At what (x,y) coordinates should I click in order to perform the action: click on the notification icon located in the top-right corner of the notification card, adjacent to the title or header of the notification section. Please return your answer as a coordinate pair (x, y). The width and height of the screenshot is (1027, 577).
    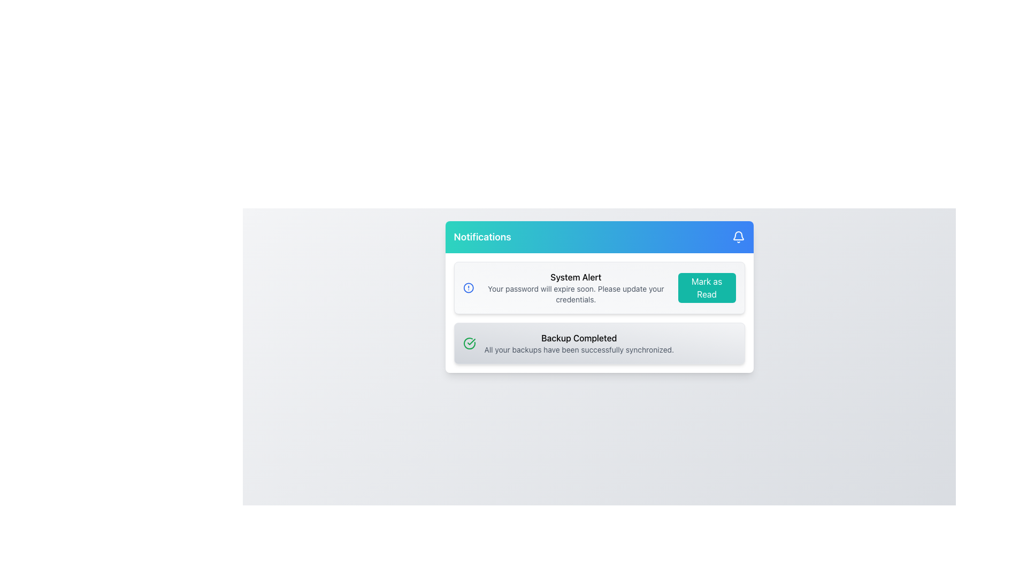
    Looking at the image, I should click on (738, 235).